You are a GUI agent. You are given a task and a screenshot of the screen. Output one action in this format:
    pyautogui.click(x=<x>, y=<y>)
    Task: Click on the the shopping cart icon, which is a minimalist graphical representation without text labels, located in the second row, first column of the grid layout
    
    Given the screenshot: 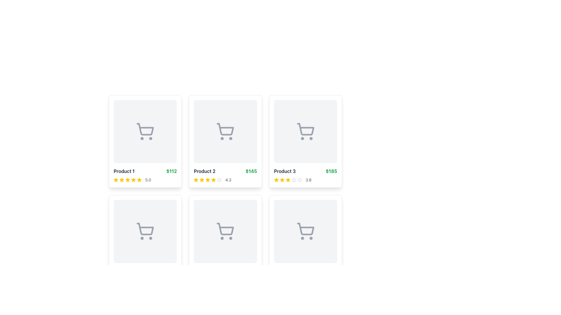 What is the action you would take?
    pyautogui.click(x=145, y=229)
    